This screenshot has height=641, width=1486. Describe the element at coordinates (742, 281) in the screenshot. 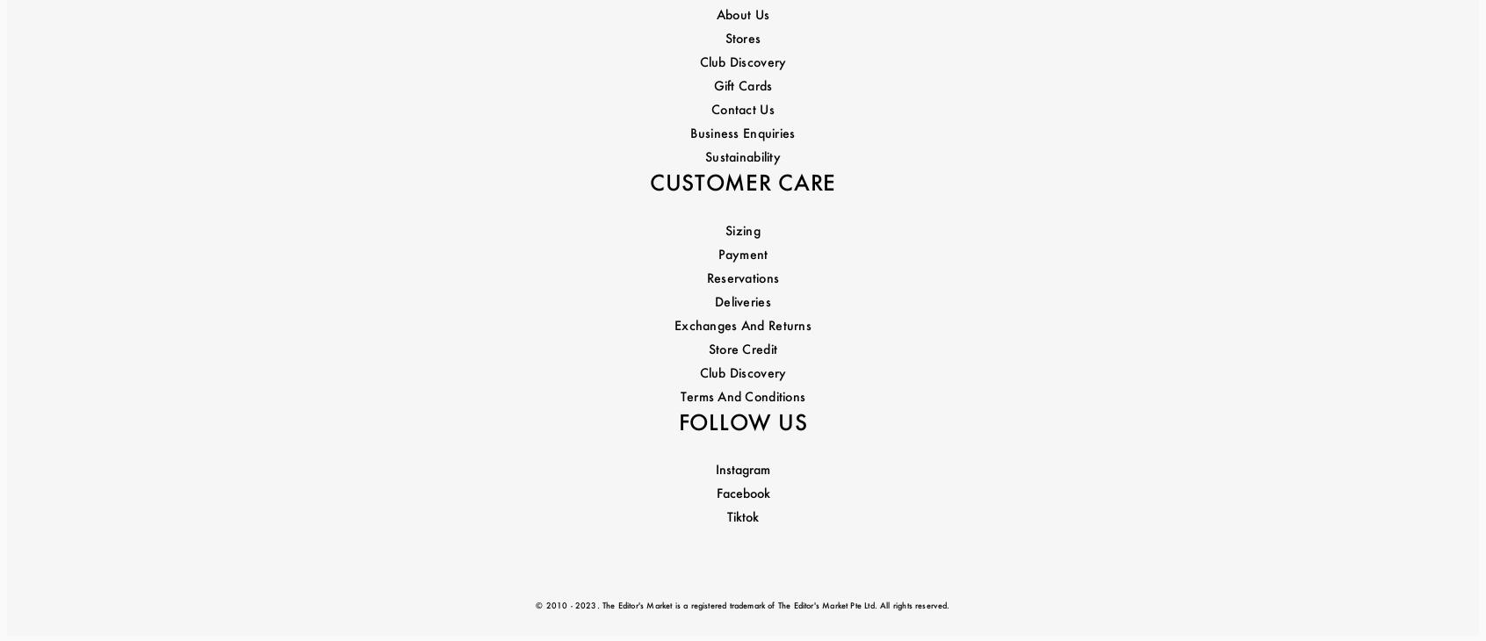

I see `'Follow Us'` at that location.